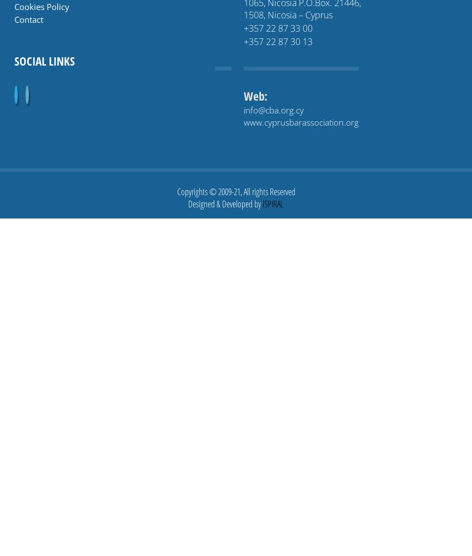 The width and height of the screenshot is (472, 556). What do you see at coordinates (243, 96) in the screenshot?
I see `'Web:'` at bounding box center [243, 96].